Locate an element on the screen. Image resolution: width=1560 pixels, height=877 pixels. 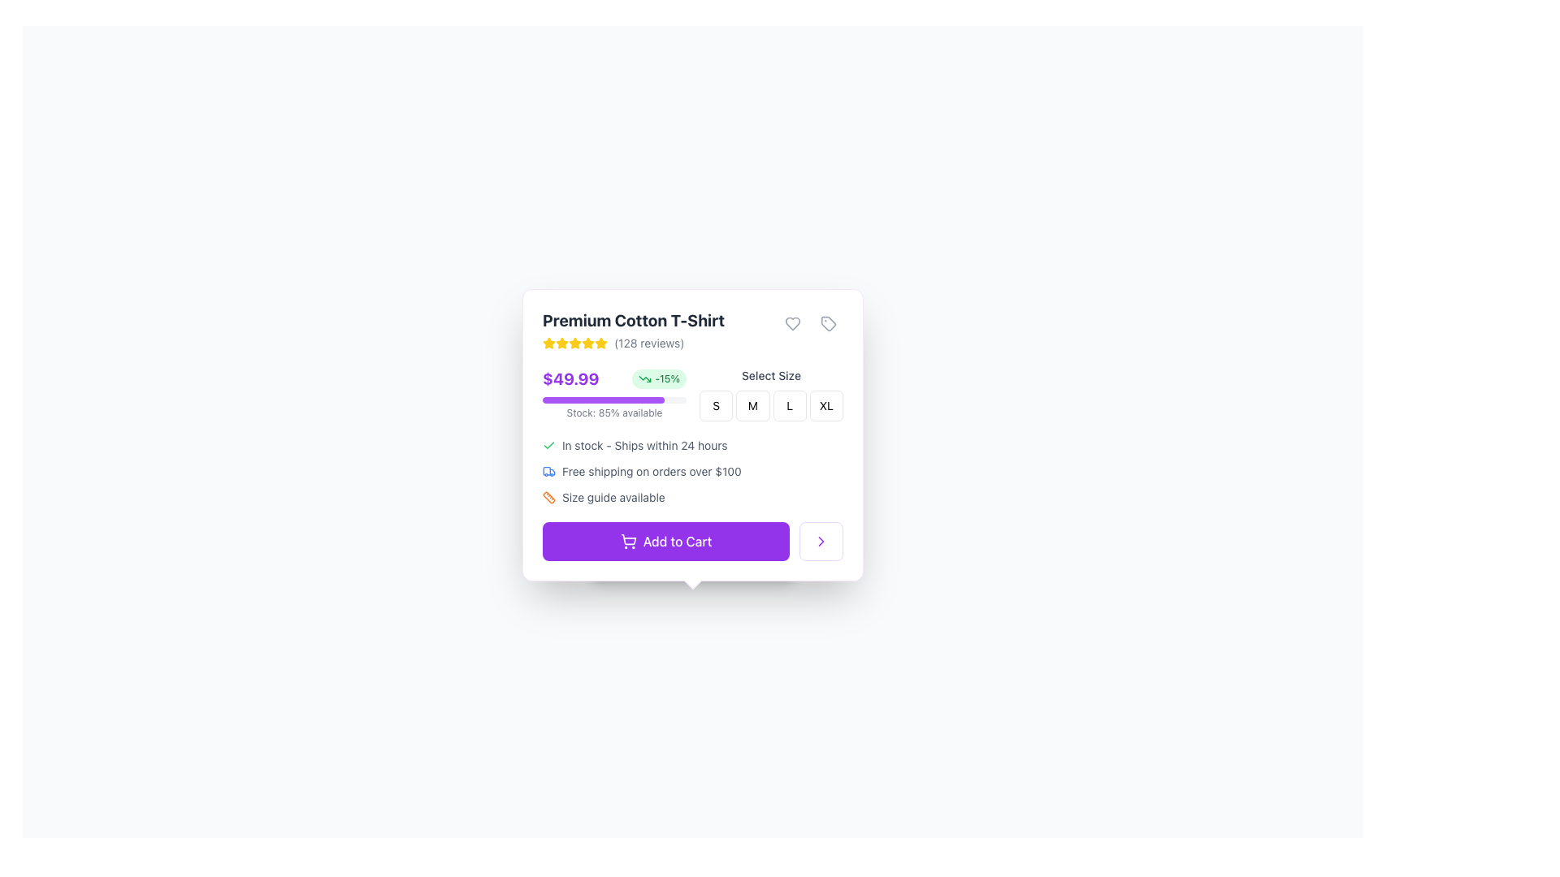
the discount badge indicating a 15% off on the product, located at the top-right corner of the card layout next to the price component is located at coordinates (659, 378).